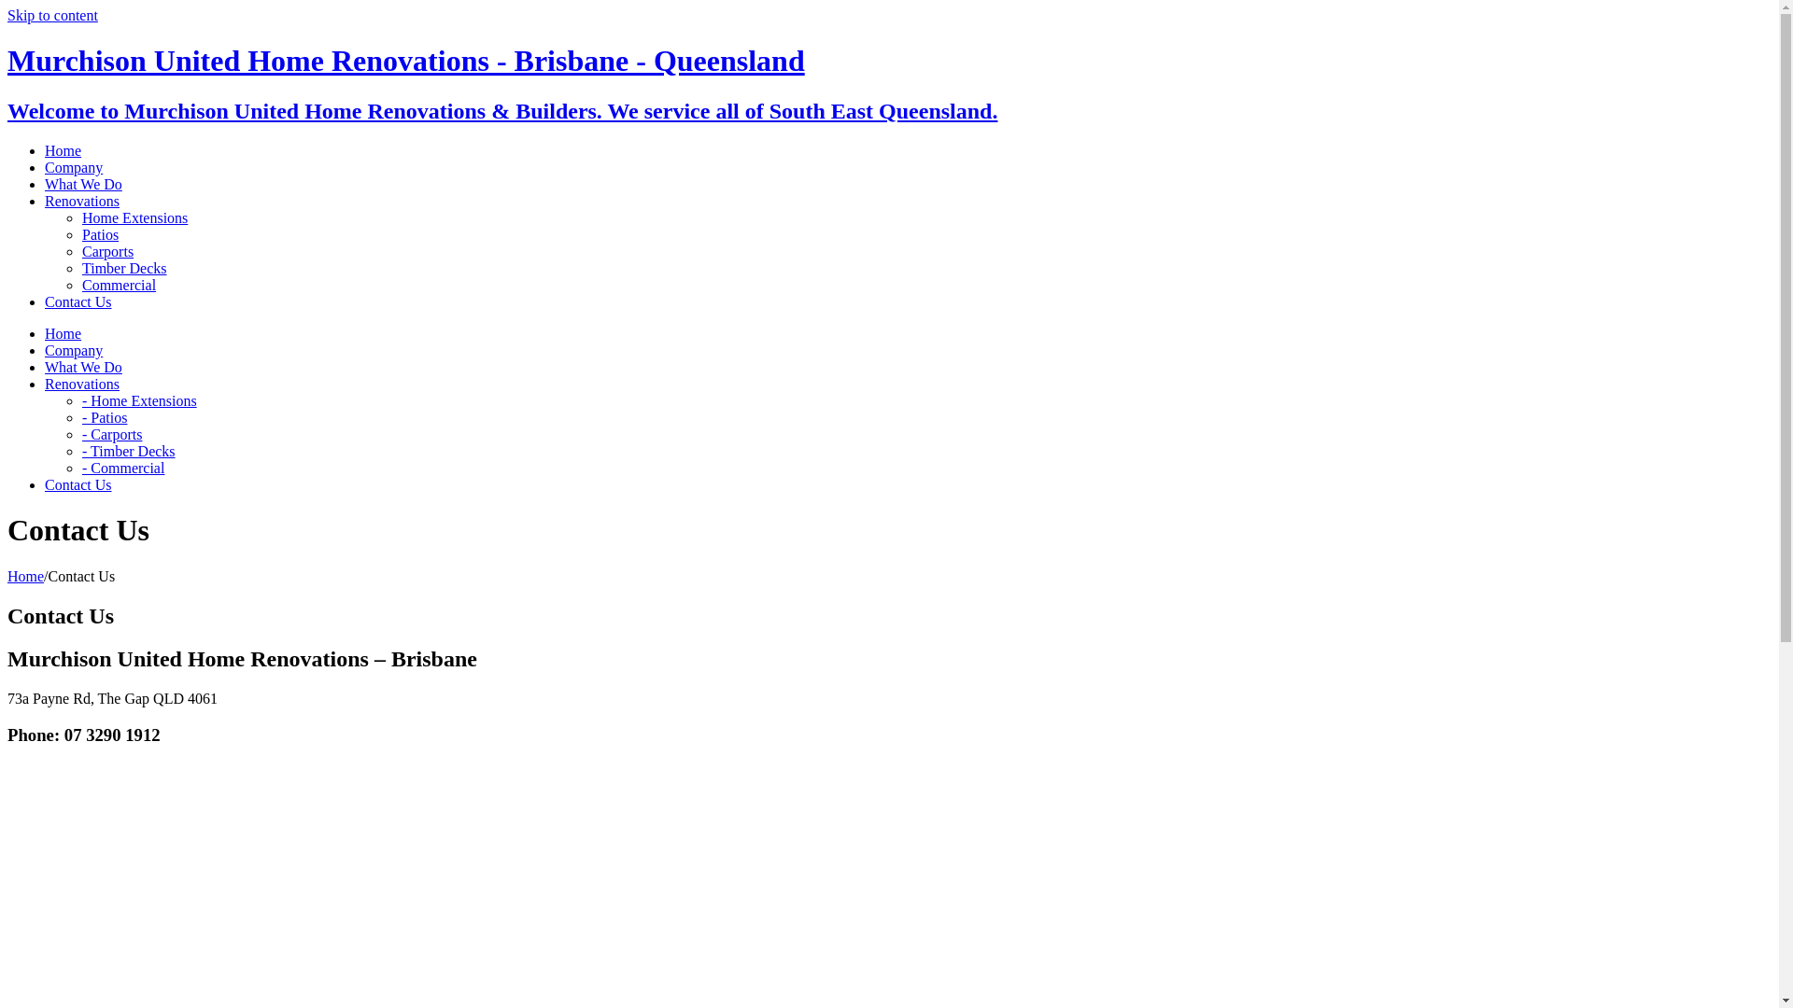  I want to click on '- Carports', so click(80, 434).